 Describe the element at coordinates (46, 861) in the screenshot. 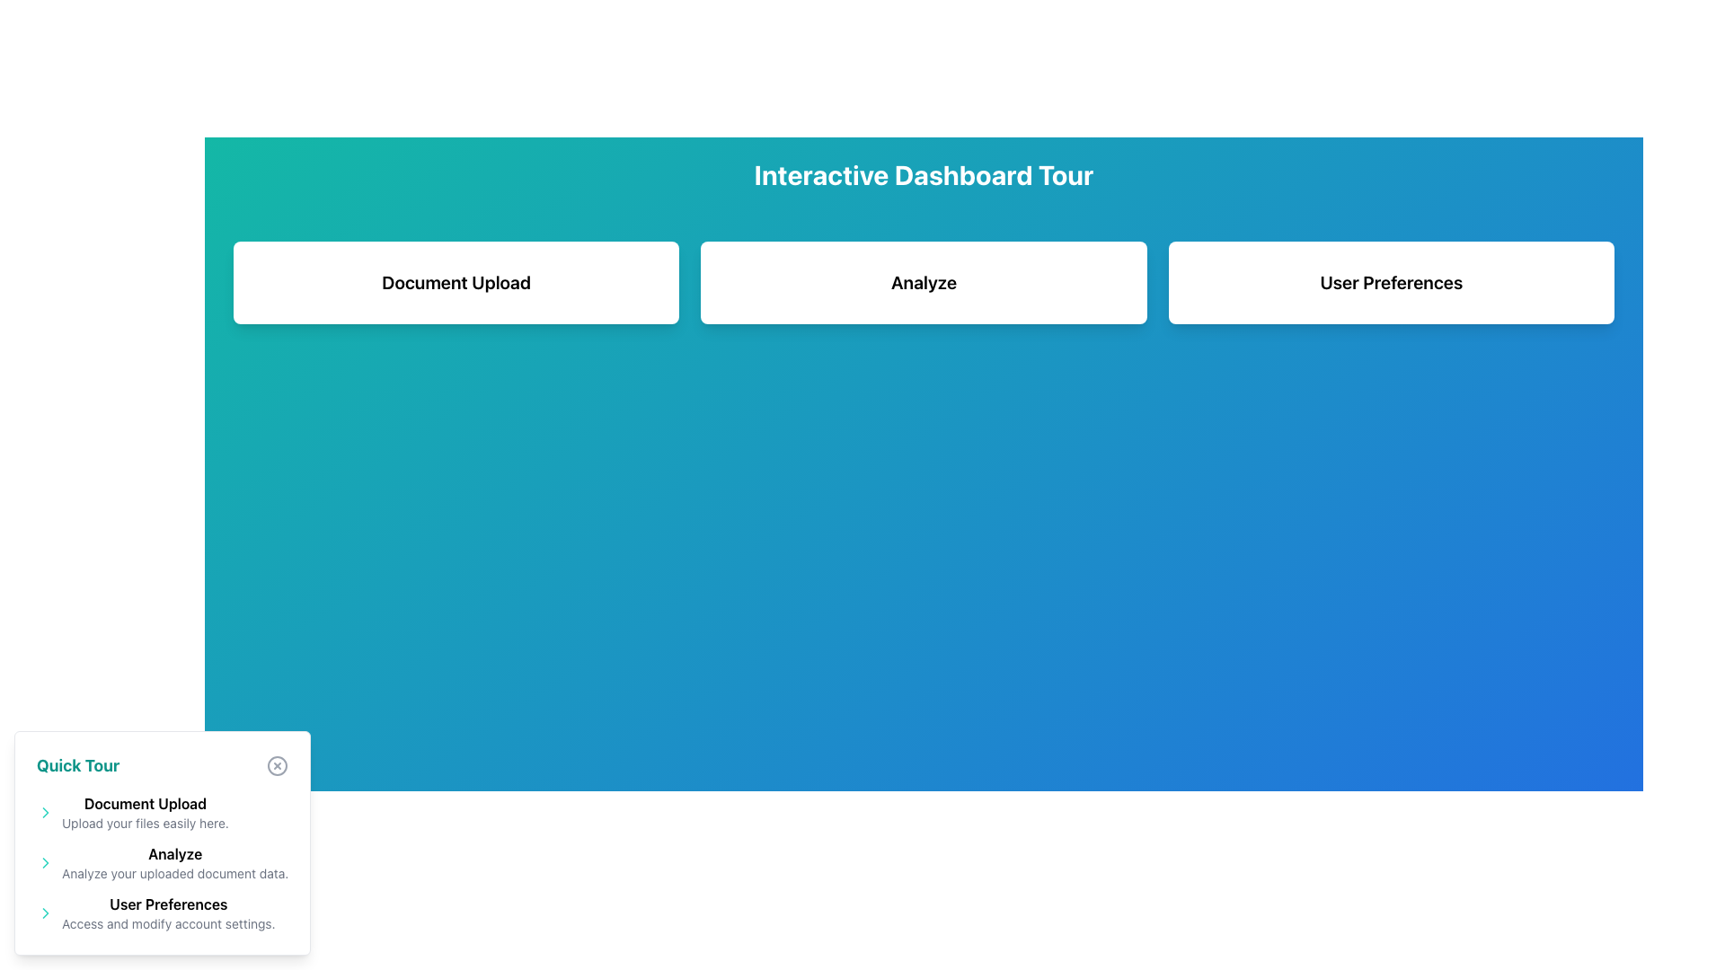

I see `the Arrow Icon located to the left of the 'Analyze' label in the vertical menu, which serves as a visual cue for navigation or selection` at that location.